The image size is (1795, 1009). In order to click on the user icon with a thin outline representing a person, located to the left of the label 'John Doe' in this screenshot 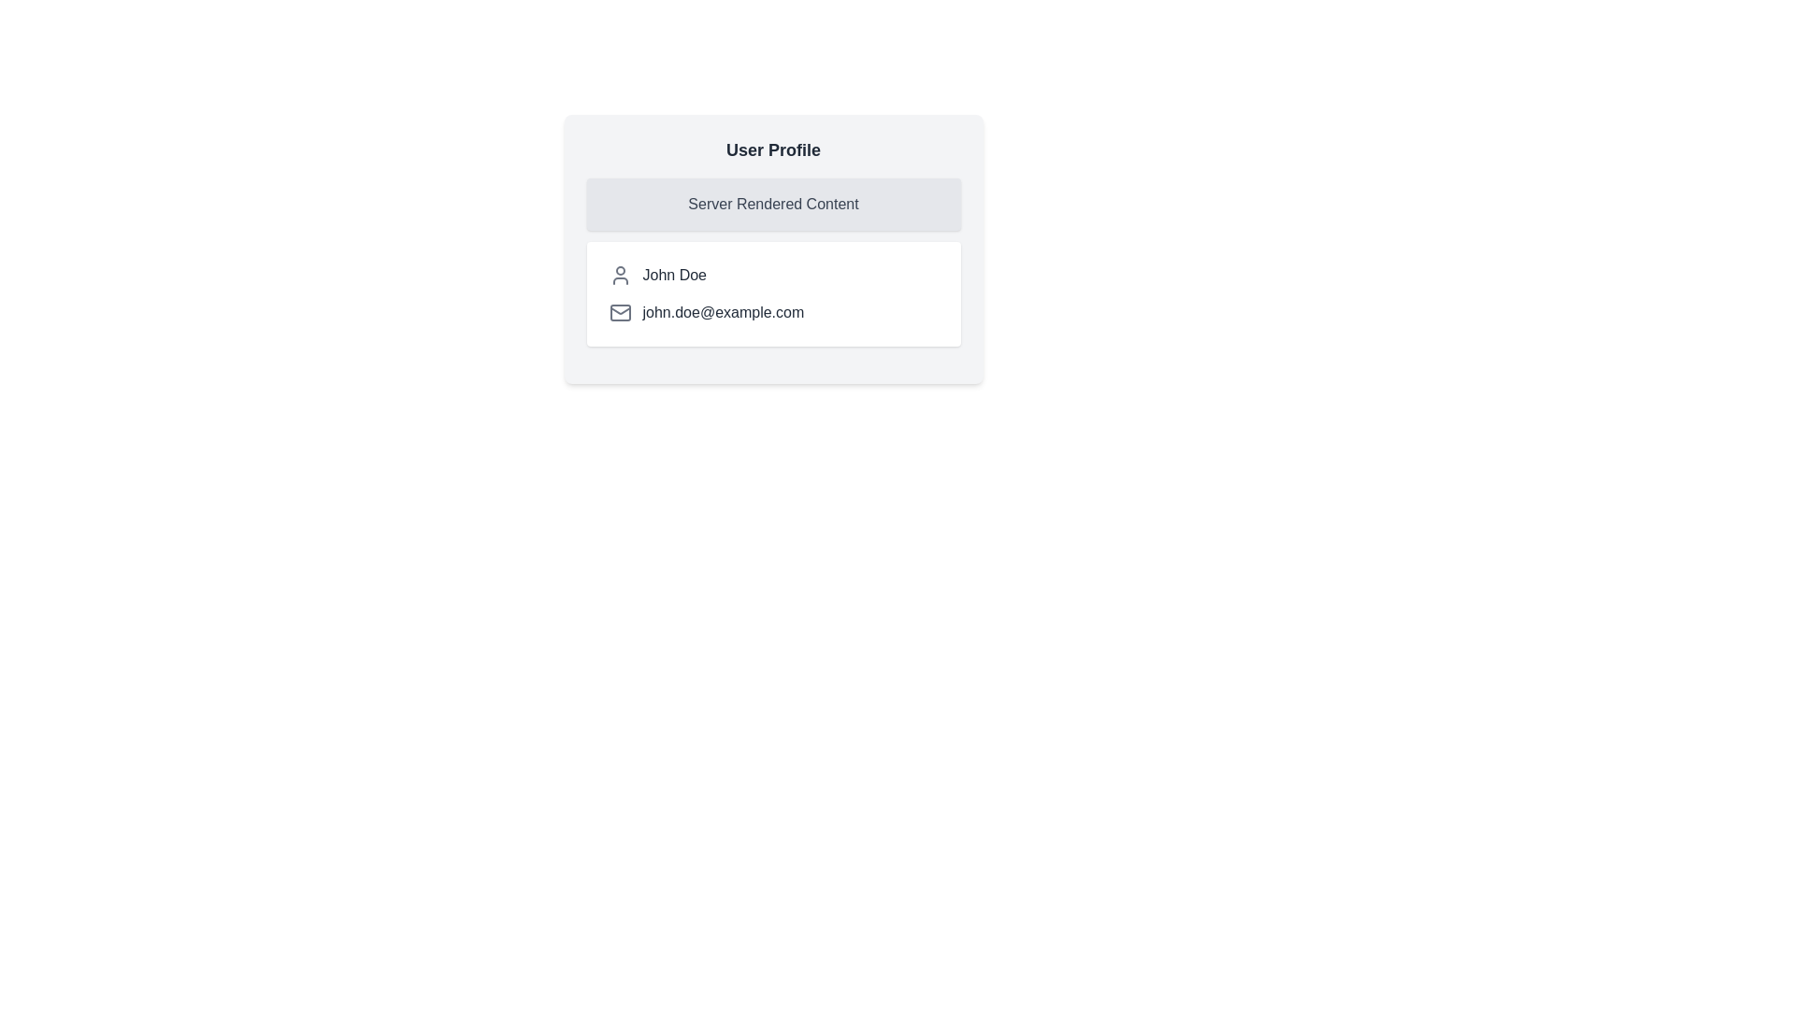, I will do `click(620, 275)`.